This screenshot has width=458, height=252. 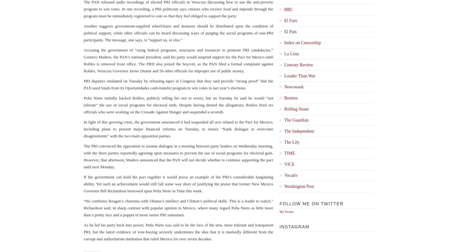 I want to click on 'As he led his party back into power, Peña Nieto was said to be the face of the new, more tolerant and transparent PRI, but the latest evidence of vote-buying severely undermines the idea that it is markedly different from the corrupt and authoritarian institution that ruled Mexico for over seven decades.', so click(x=178, y=232).